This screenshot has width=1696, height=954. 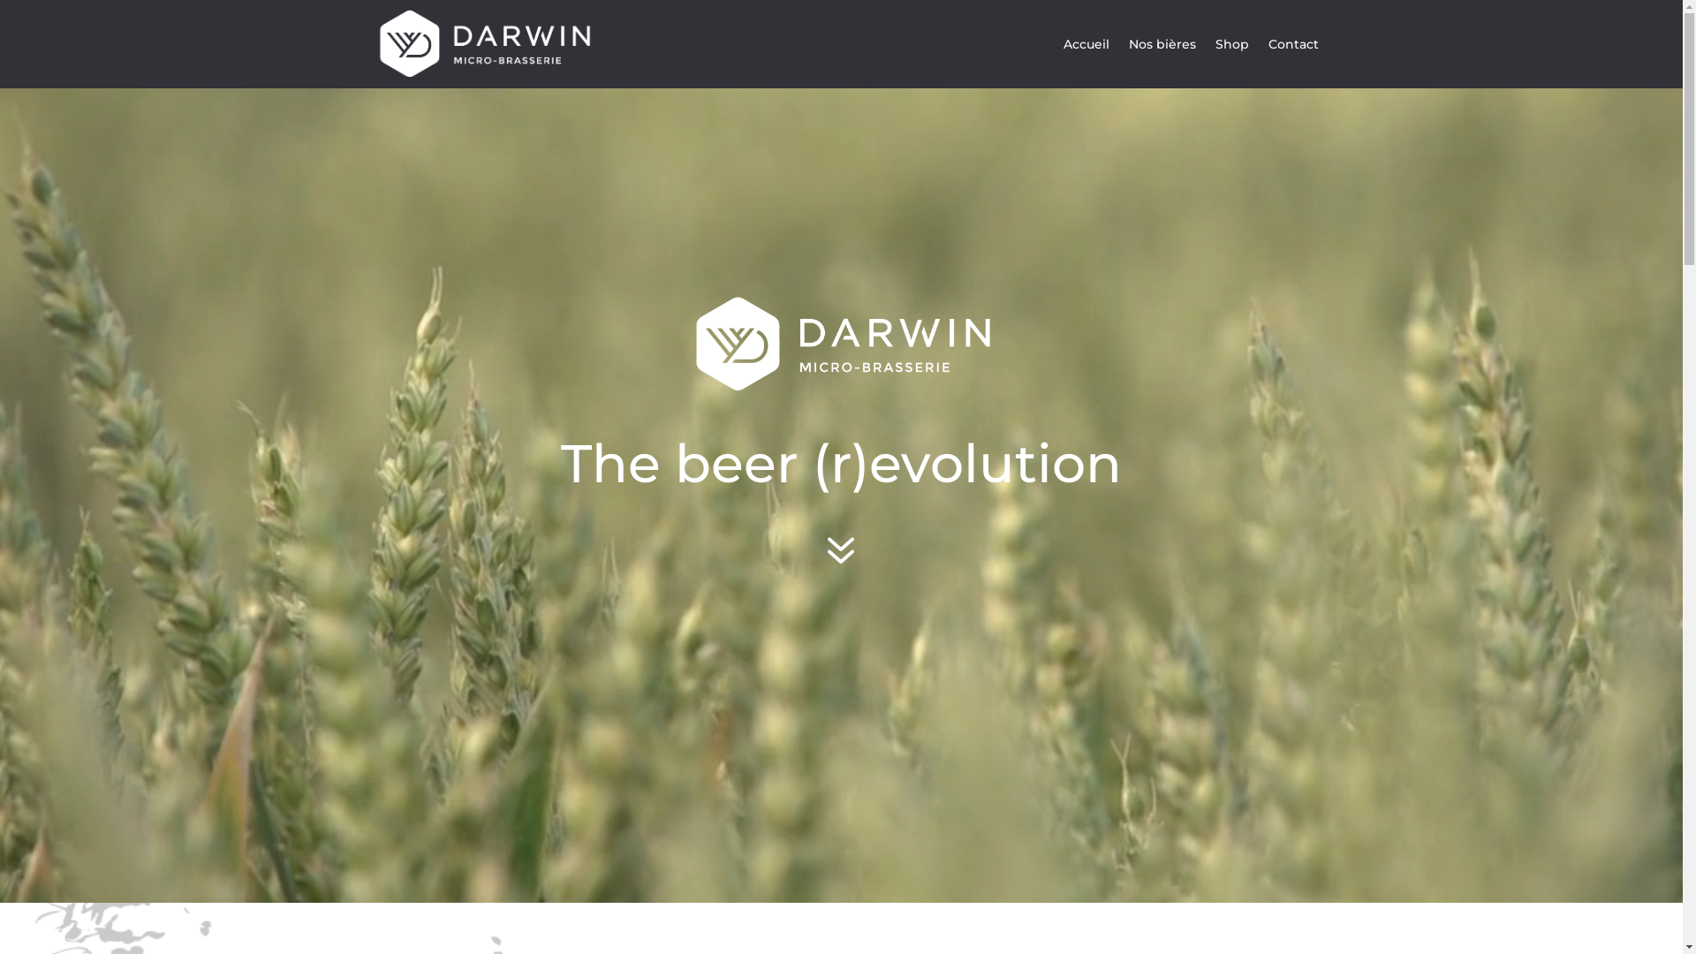 I want to click on '7', so click(x=813, y=549).